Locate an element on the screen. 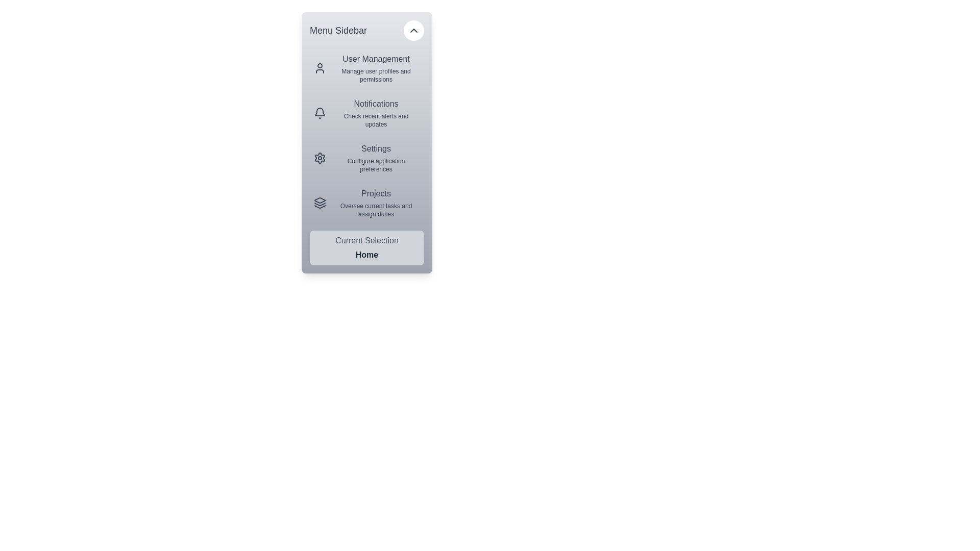  the 'User Management' text label in the sidebar menu, which serves as a descriptive header for the user management section is located at coordinates (376, 59).